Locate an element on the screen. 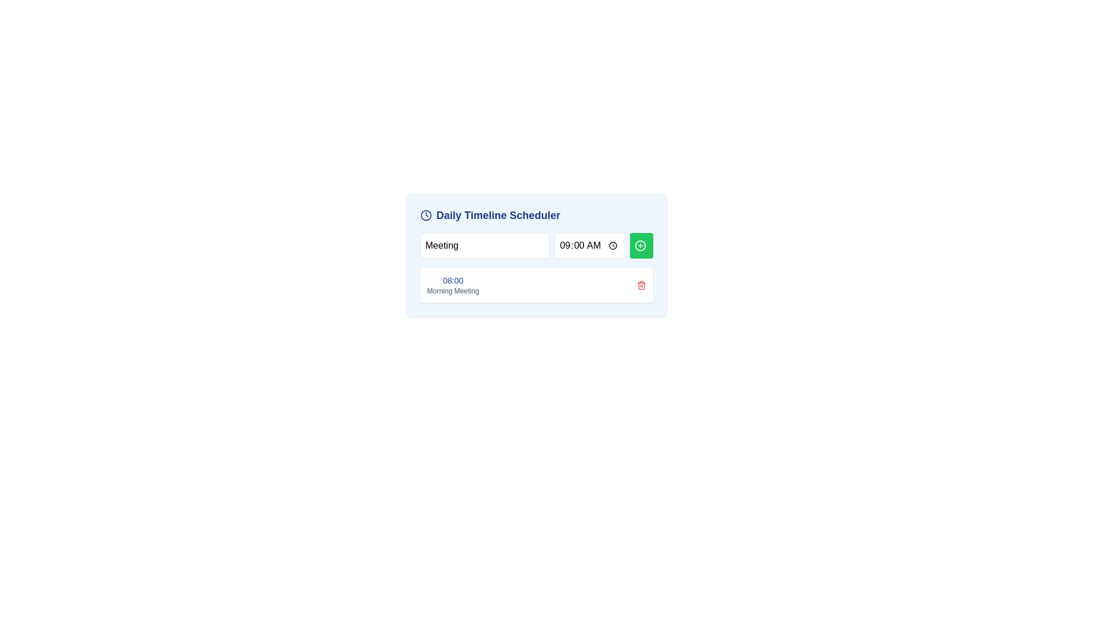  the green circular button with a white plus icon, located at the far right end of the row containing 'Meeting' and '09:00 AM' input fields is located at coordinates (641, 245).